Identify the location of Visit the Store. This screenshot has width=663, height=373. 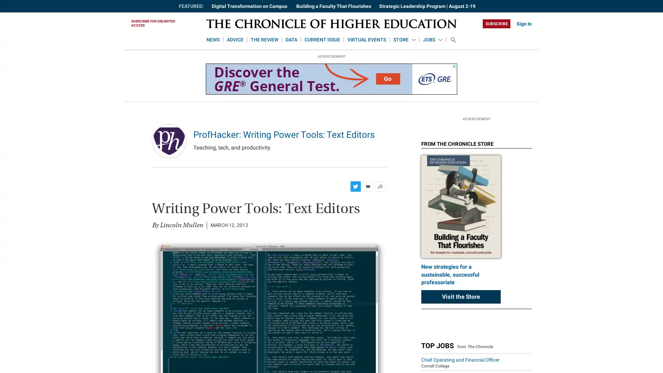
(461, 352).